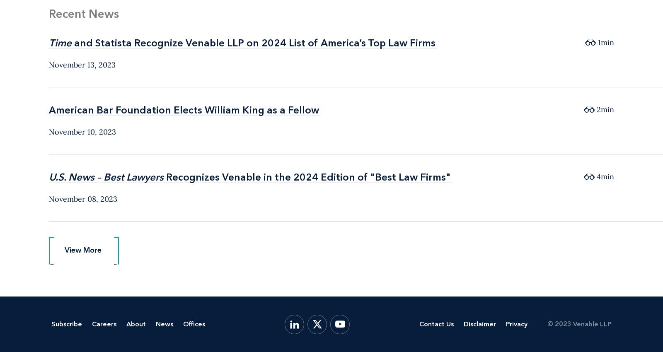 This screenshot has height=352, width=663. What do you see at coordinates (104, 323) in the screenshot?
I see `'Careers'` at bounding box center [104, 323].